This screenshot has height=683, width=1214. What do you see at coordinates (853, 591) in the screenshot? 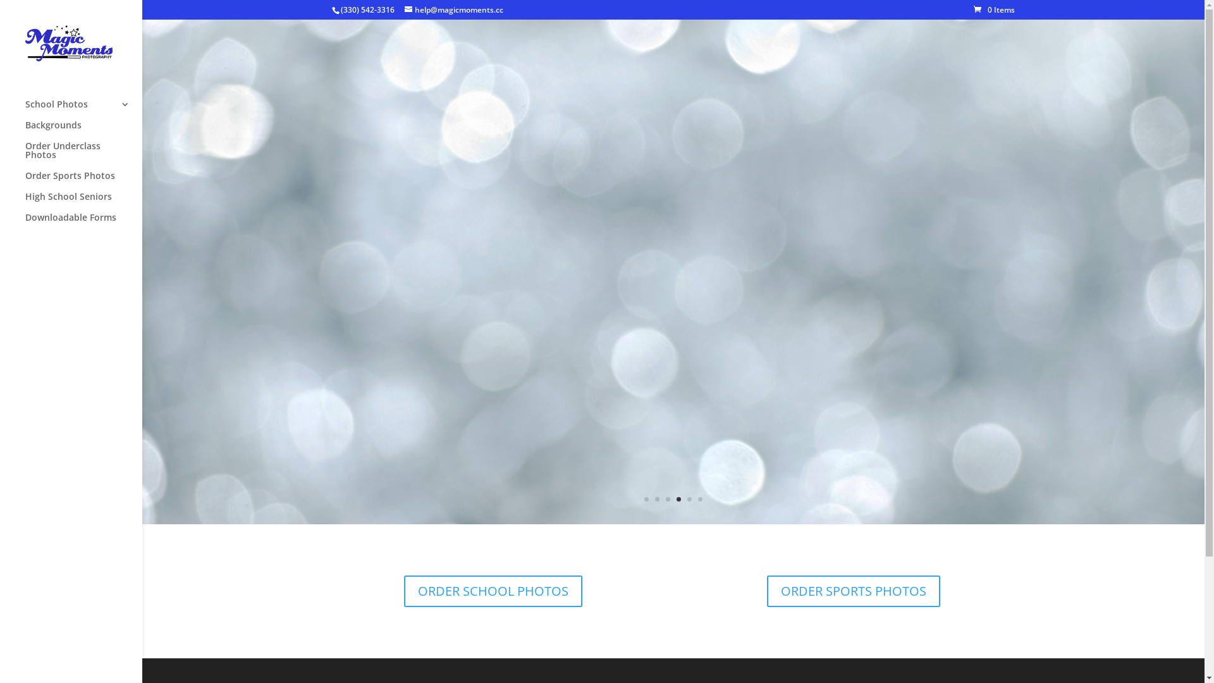
I see `'ORDER SPORTS PHOTOS'` at bounding box center [853, 591].